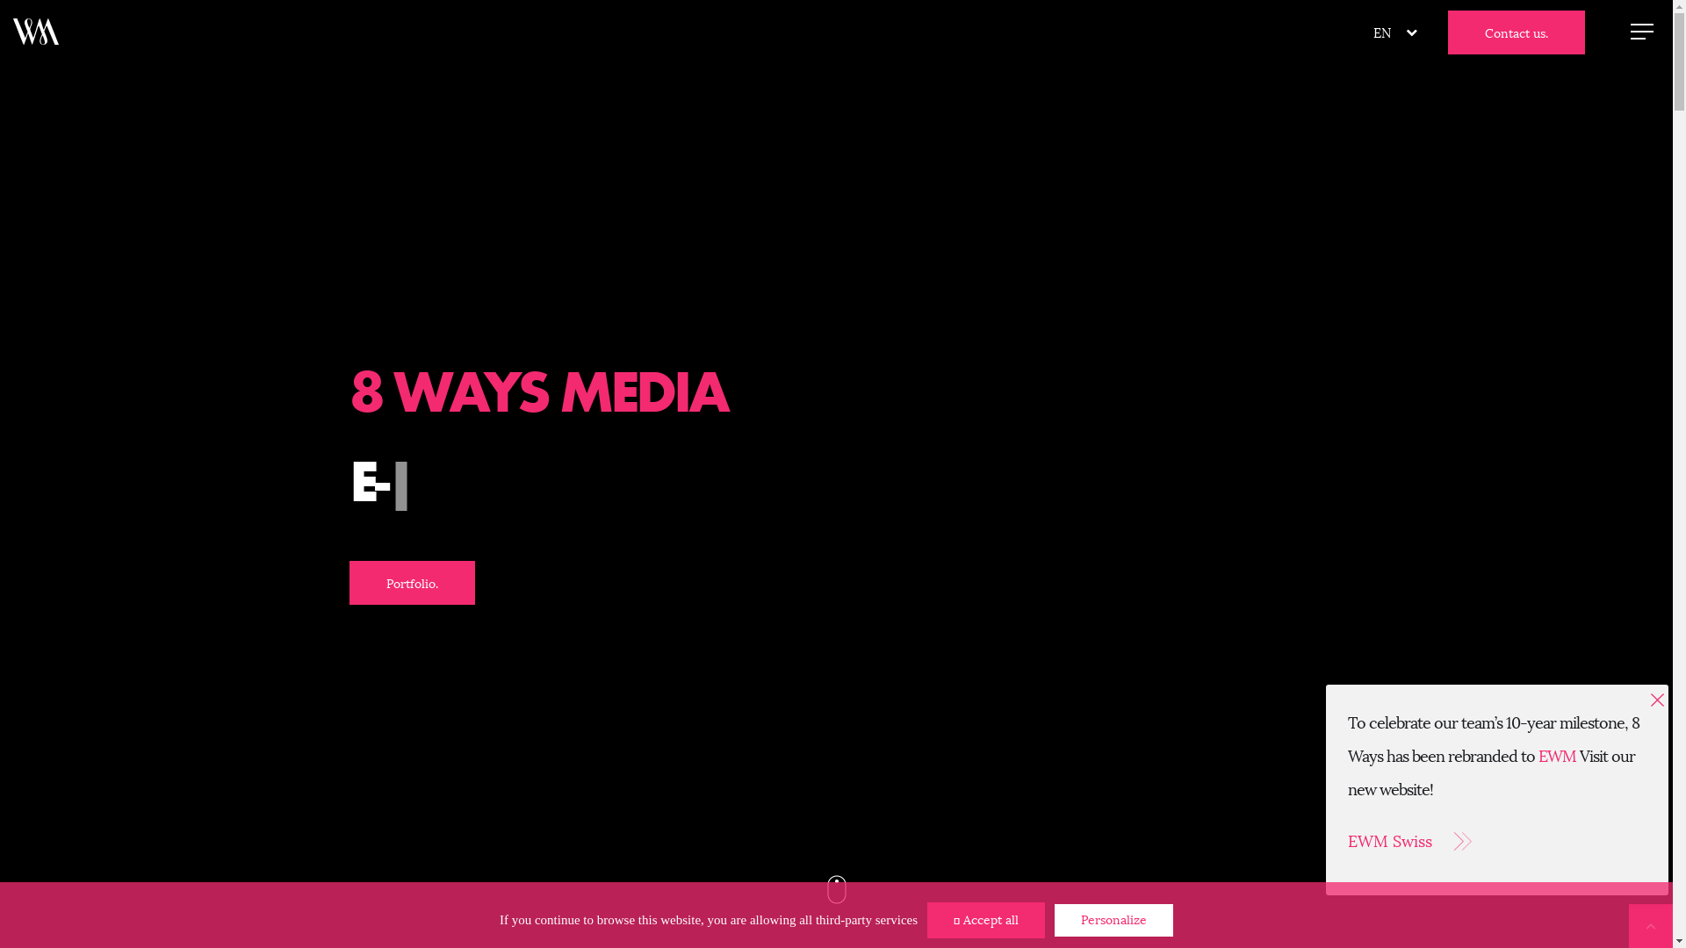 The image size is (1686, 948). What do you see at coordinates (1641, 30) in the screenshot?
I see `'Open / Close Menu'` at bounding box center [1641, 30].